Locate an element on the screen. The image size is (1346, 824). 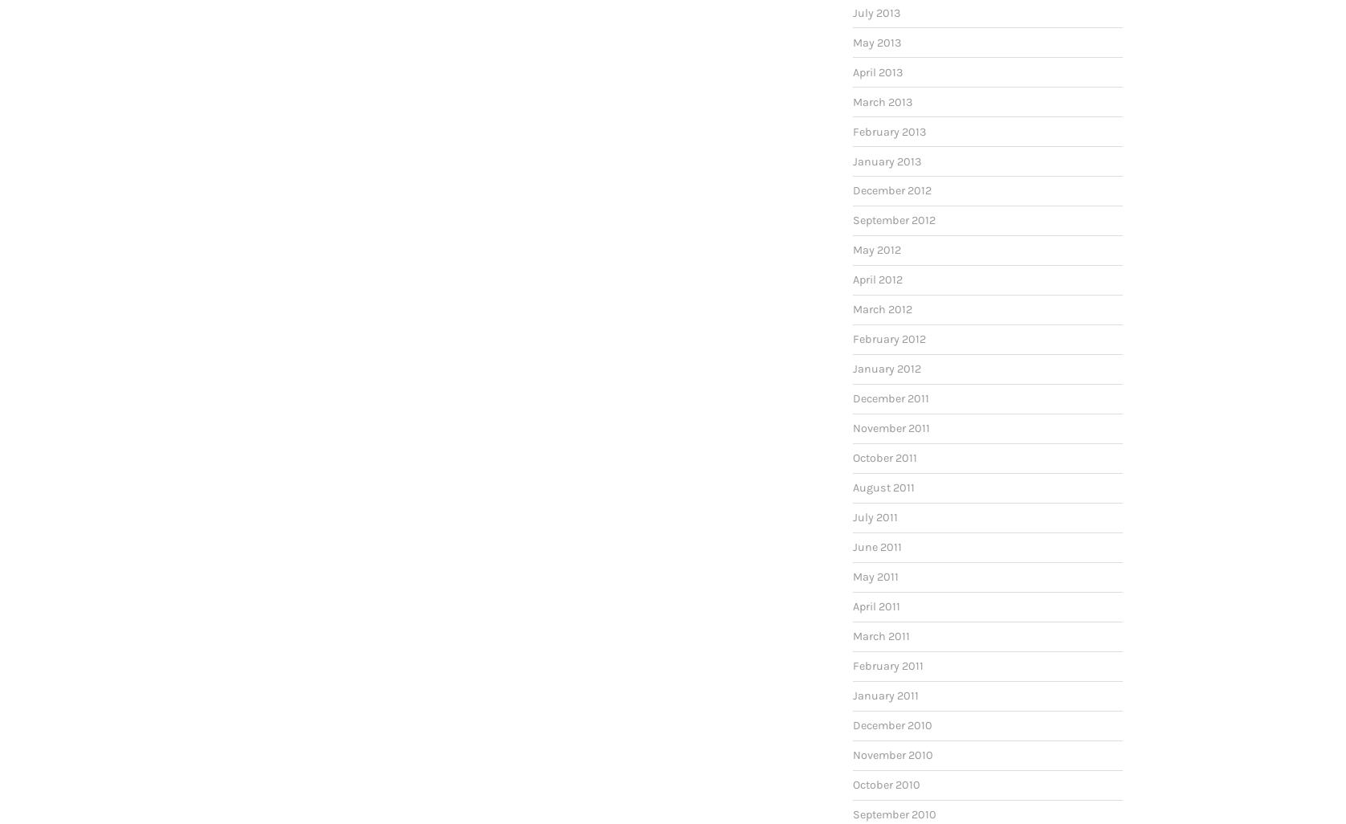
'September 2012' is located at coordinates (893, 219).